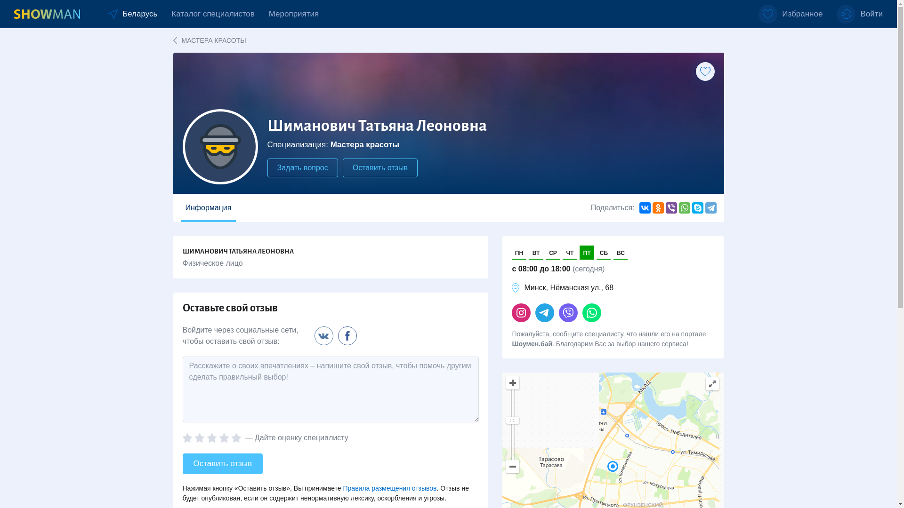  Describe the element at coordinates (685, 207) in the screenshot. I see `'WhatsApp'` at that location.